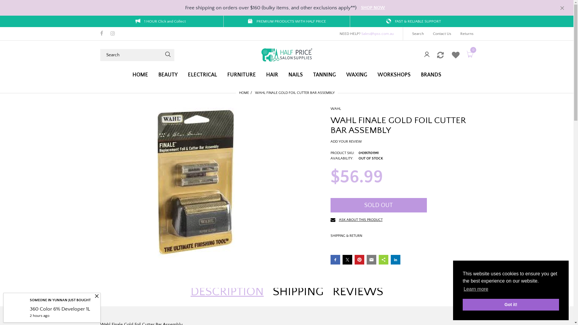  I want to click on 'WAHL', so click(335, 109).